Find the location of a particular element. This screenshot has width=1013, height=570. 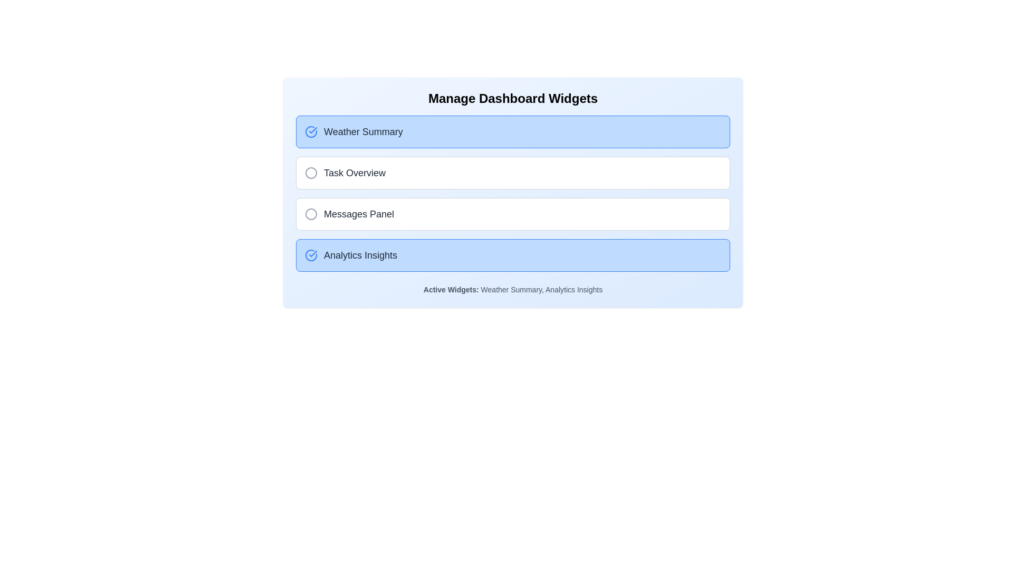

the SVG Circle Graphic adjacent to the 'Messages Panel' label to indicate selection or activity is located at coordinates (311, 214).